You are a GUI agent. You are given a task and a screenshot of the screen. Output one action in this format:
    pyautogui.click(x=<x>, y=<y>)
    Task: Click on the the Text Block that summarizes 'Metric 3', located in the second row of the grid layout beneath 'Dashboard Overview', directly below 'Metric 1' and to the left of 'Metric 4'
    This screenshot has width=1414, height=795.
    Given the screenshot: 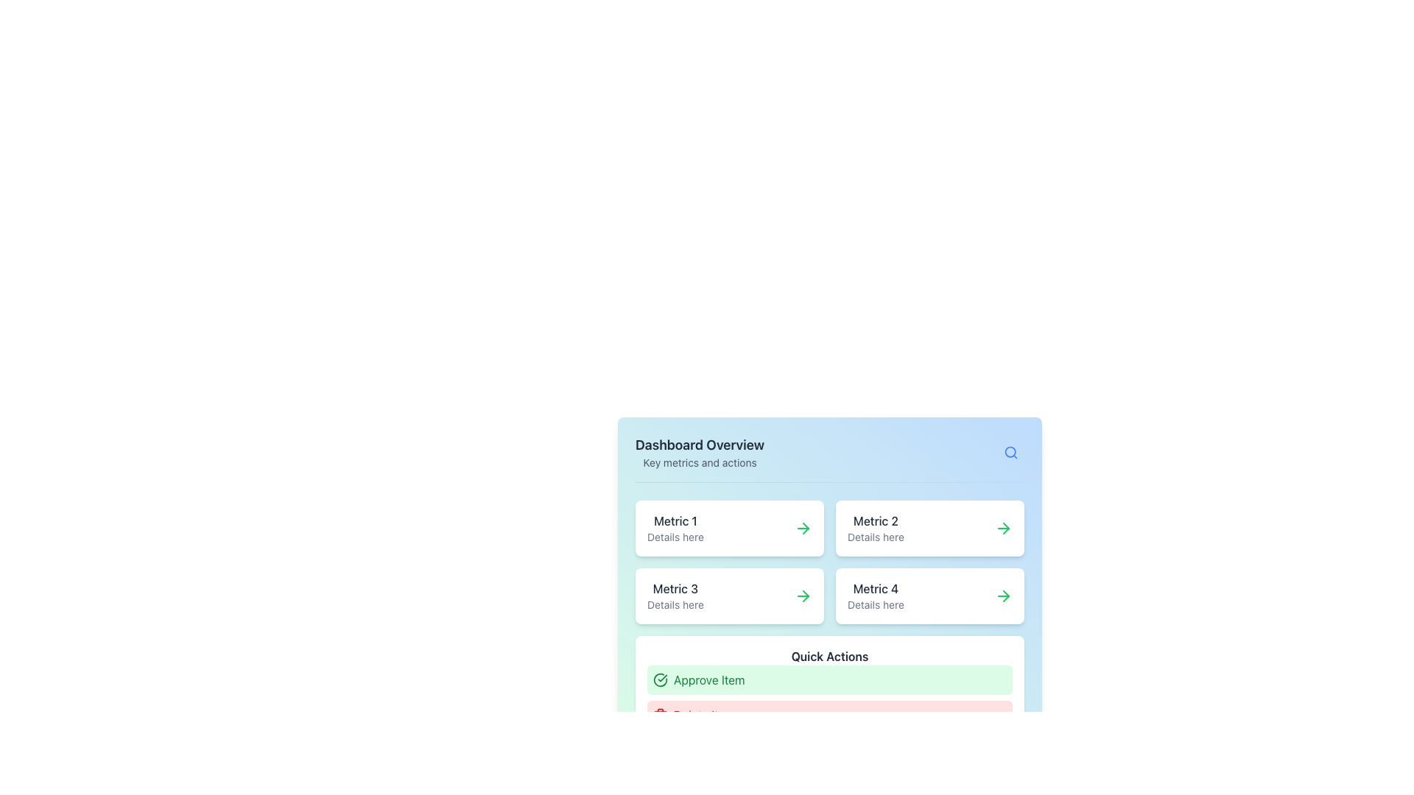 What is the action you would take?
    pyautogui.click(x=675, y=596)
    